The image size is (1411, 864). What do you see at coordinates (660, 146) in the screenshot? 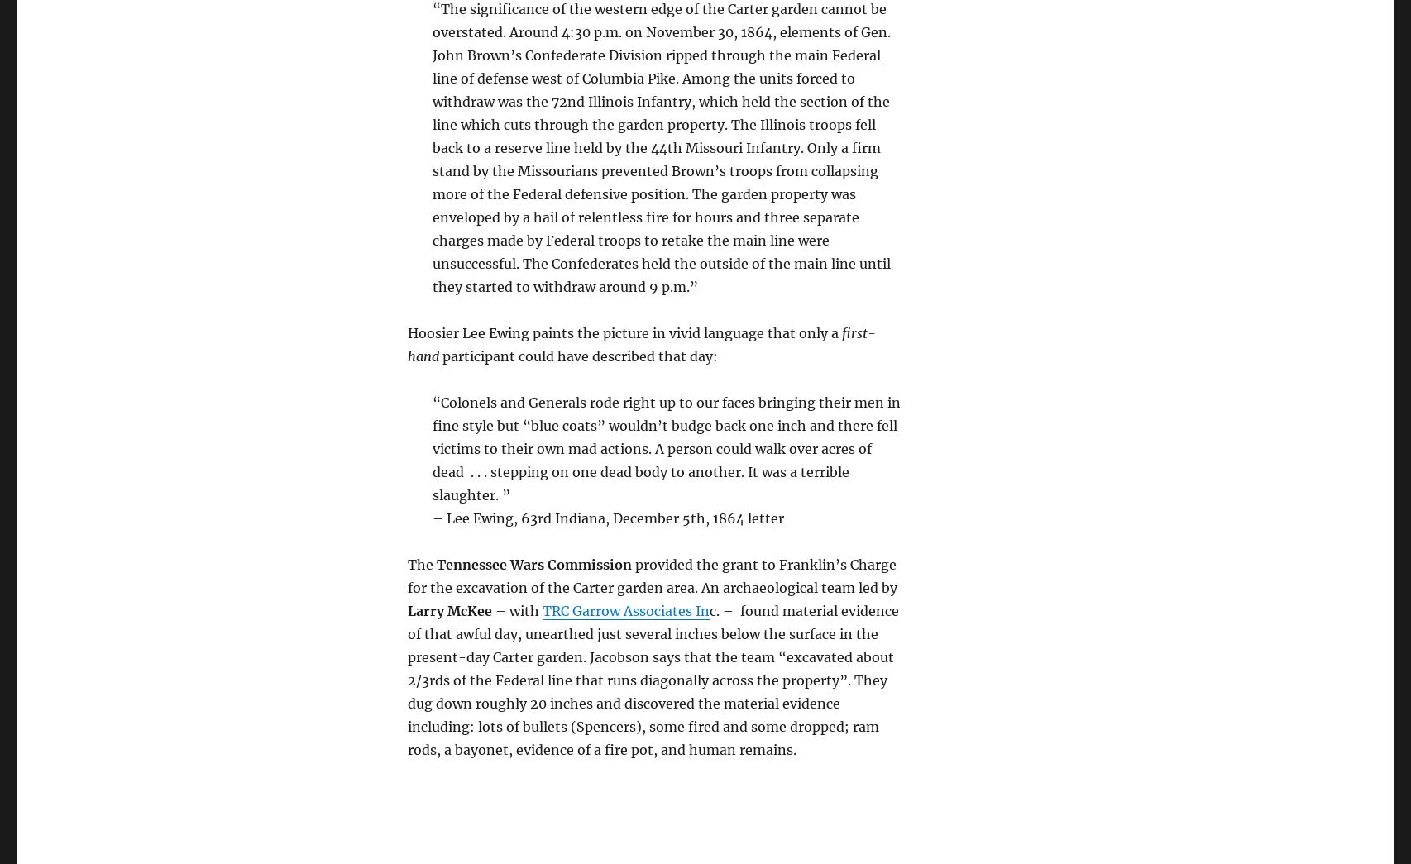
I see `'“The significance of the western edge of the Carter garden cannot be overstated. Around 4:30 p.m. on November 30, 1864, elements of Gen. John Brown’s Confederate Division ripped through the main Federal line of defense west of Columbia Pike. Among the units forced to withdraw was the 72nd Illinois Infantry, which held the section of the line which cuts through the garden property. The Illinois troops fell back to a reserve line held by the 44th Missouri Infantry. Only a firm stand by the Missourians prevented Brown’s troops from collapsing more of the Federal defensive position. The garden property was enveloped by a hail of relentless fire for hours and three separate charges made by Federal troops to retake the main line were unsuccessful. The Confederates held the outside of the main line until they started to withdraw around 9 p.m.”'` at bounding box center [660, 146].